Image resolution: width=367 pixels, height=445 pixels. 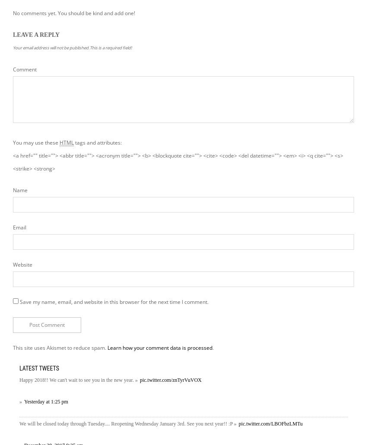 What do you see at coordinates (139, 379) in the screenshot?
I see `'pic.twitter.com/znTyrVuVOX'` at bounding box center [139, 379].